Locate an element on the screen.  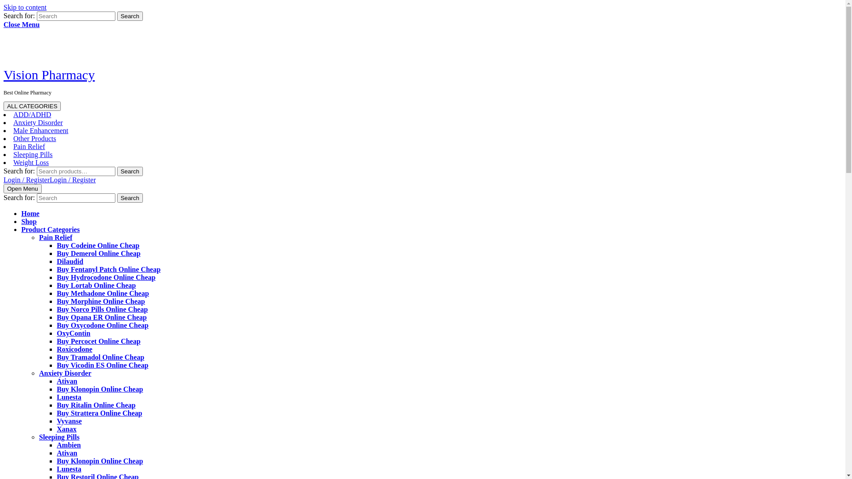
'Buy Klonopin Online Cheap' is located at coordinates (100, 460).